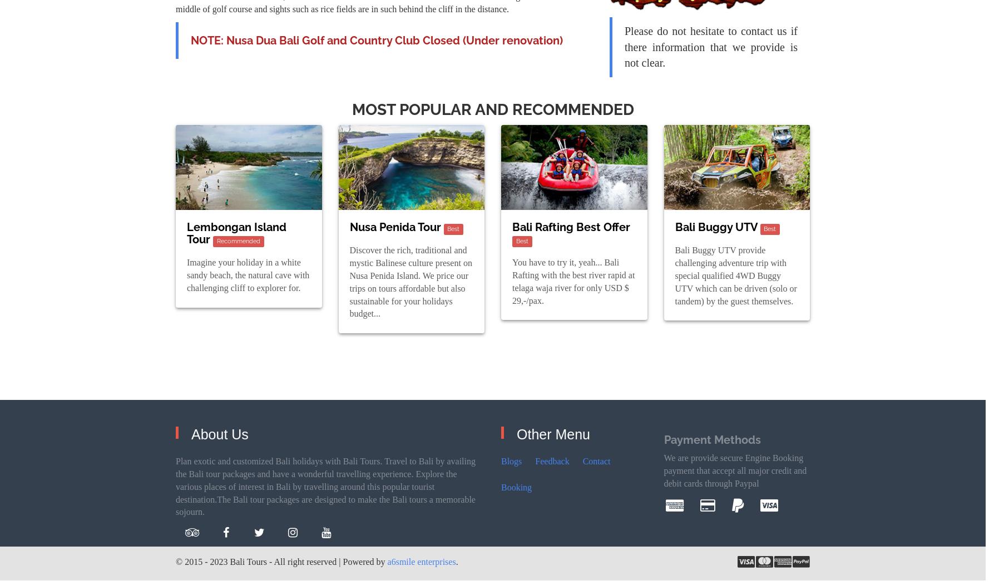 The width and height of the screenshot is (994, 586). I want to click on 'Plan exotic and customized Bali holidays with Bali Tours. Travel to Bali by availing the Bali tour packages and have a wonderful travelling experience. Explore the various places of interest in Bali by travelling around this popular tourist destination.The Bali tour packages are designed to make the Bali tours a memorable sojourn.', so click(325, 486).